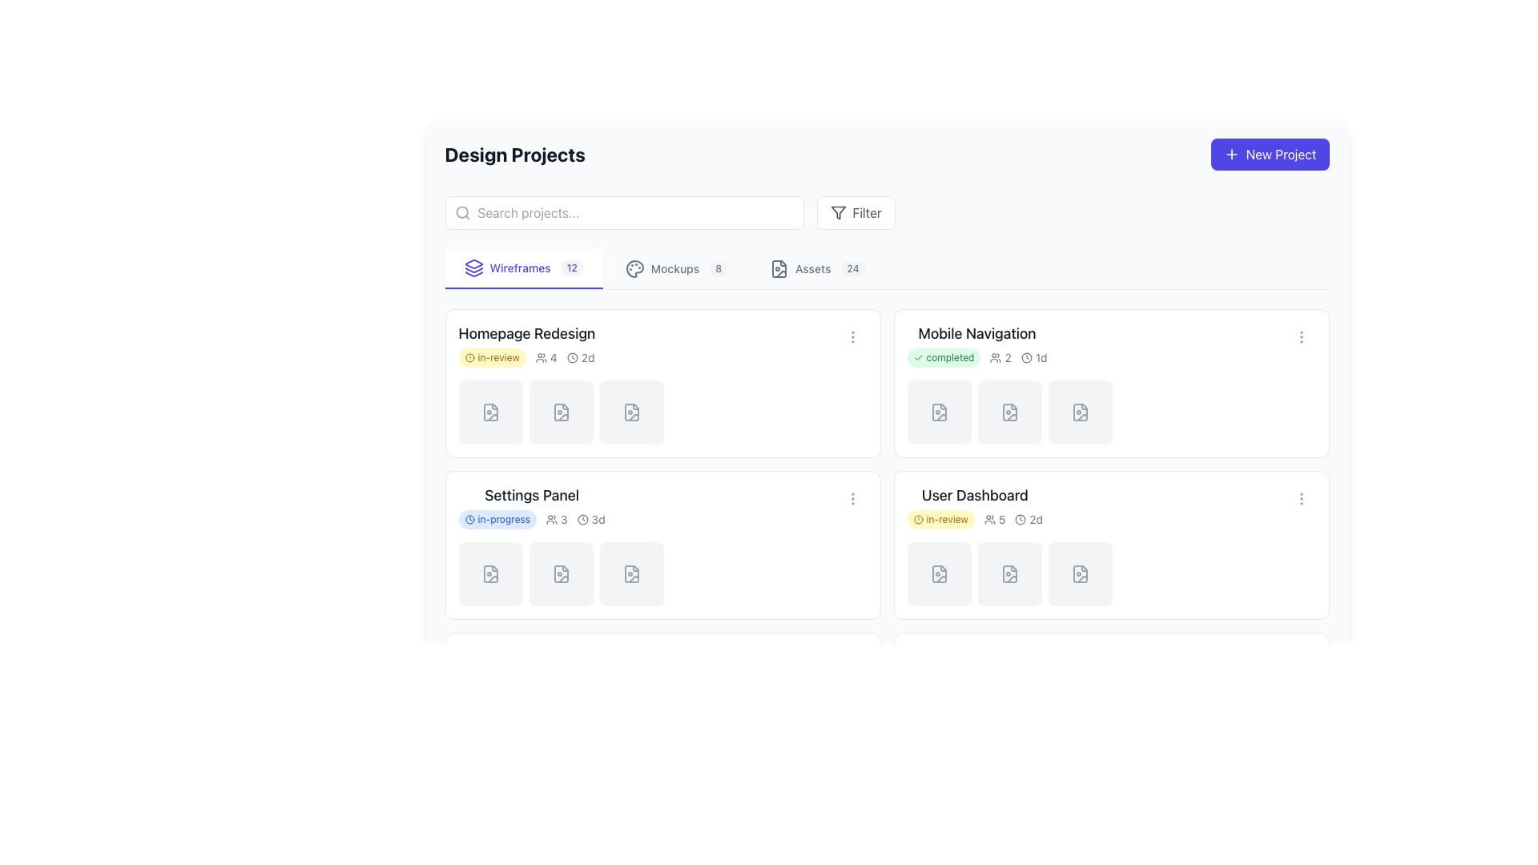  What do you see at coordinates (469, 357) in the screenshot?
I see `the circular warning sign icon in the yellow 'in-review' badge located at the top-left corner of the 'Homepage Redesign' card in the project grid` at bounding box center [469, 357].